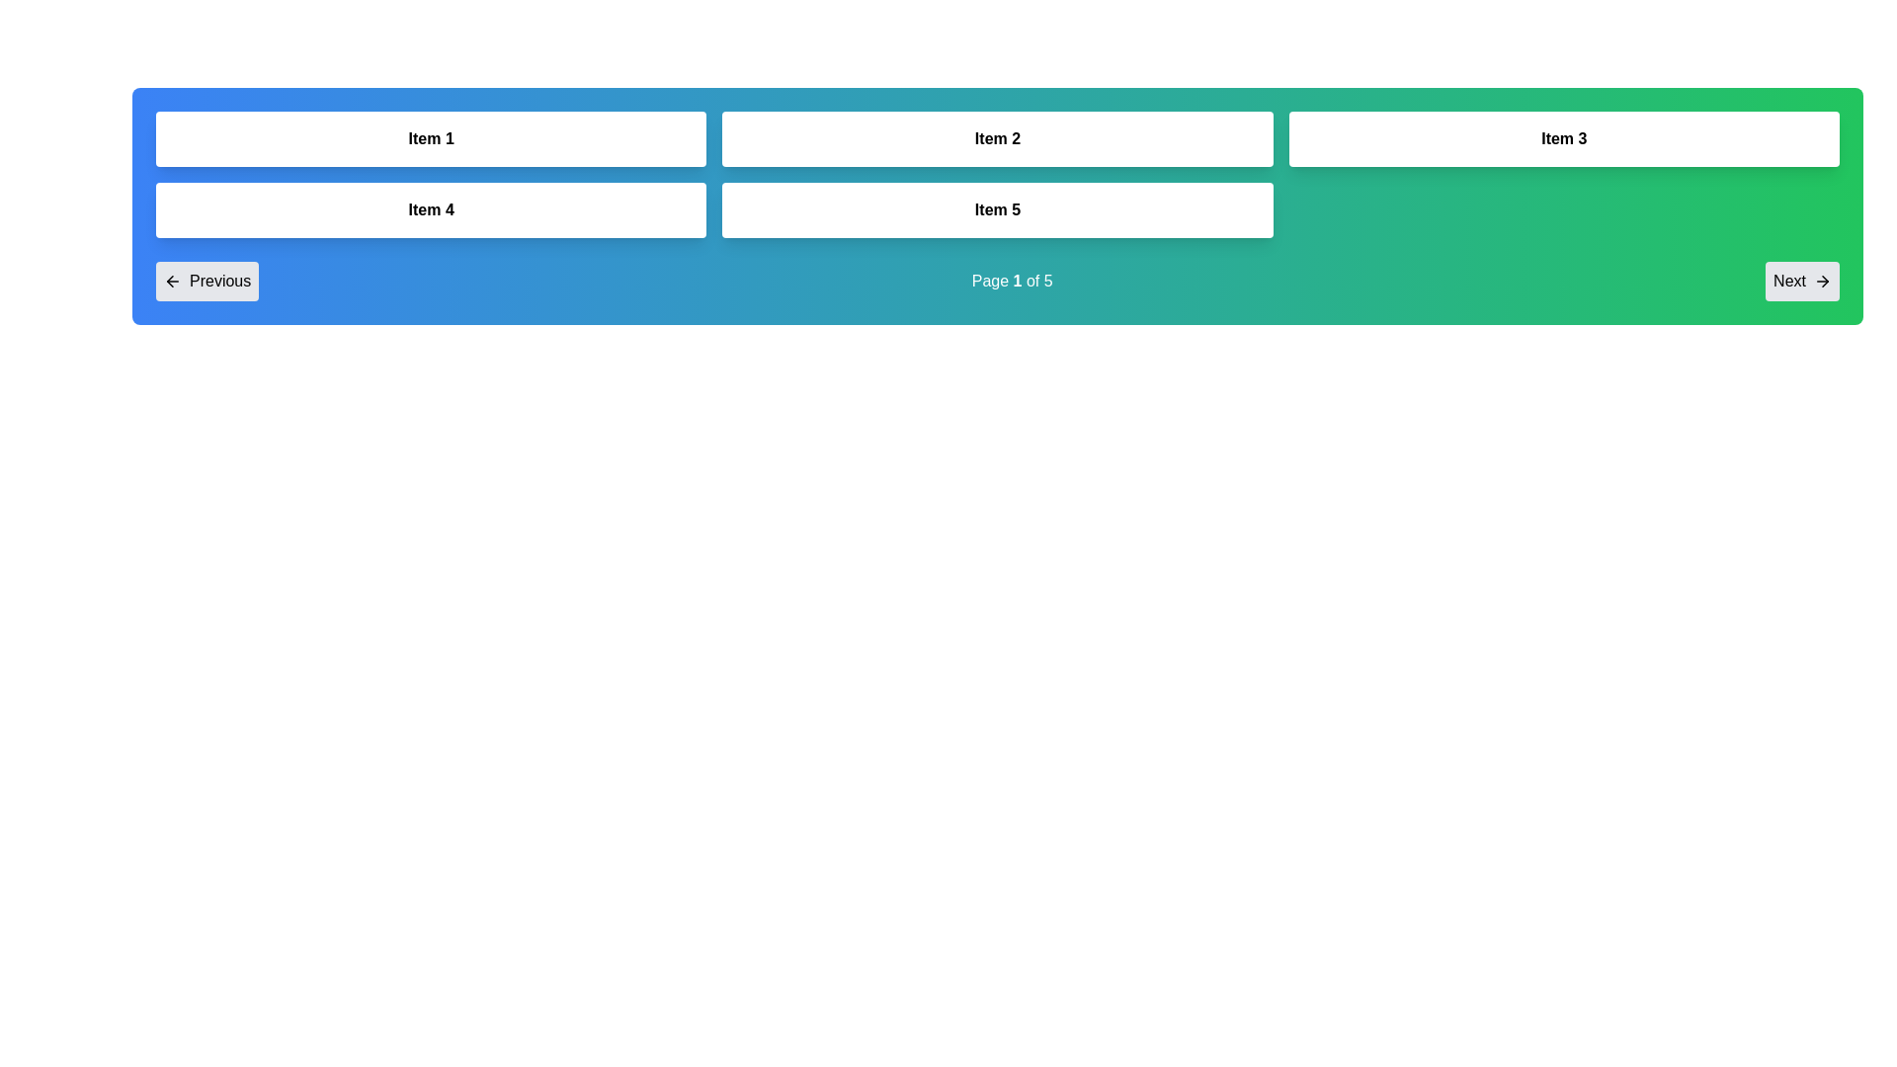 The height and width of the screenshot is (1067, 1897). I want to click on the icon located at the far right of the green gradient background section within the 'Next' button, which indicates navigation forward or progression, so click(1824, 282).